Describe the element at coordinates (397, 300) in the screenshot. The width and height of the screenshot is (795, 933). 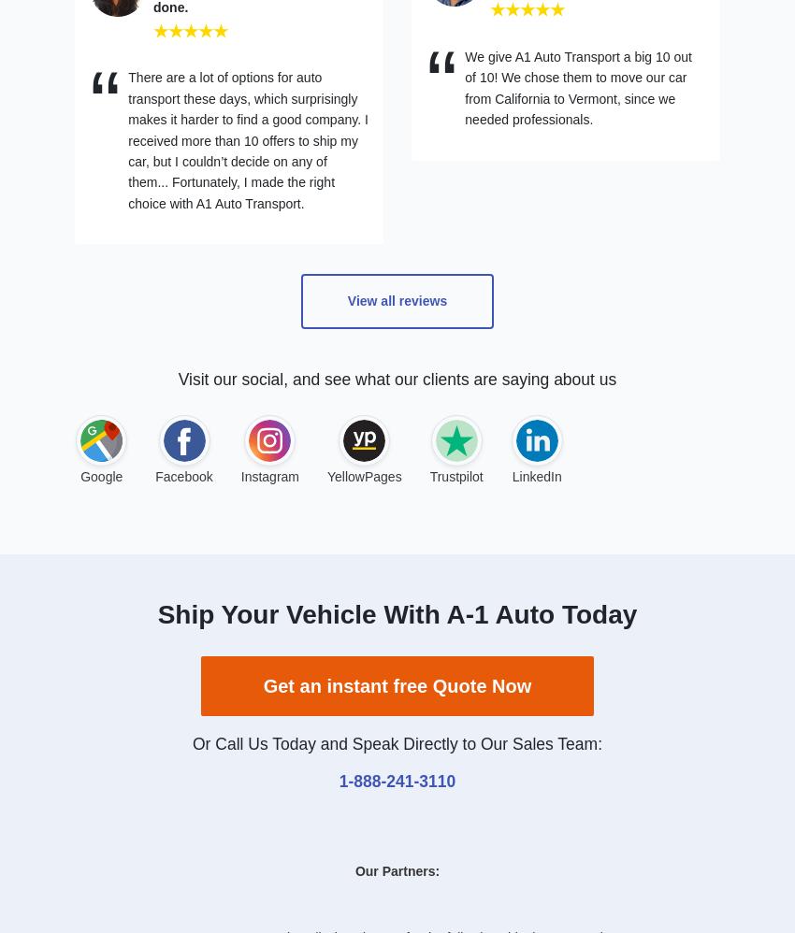
I see `'View all reviews'` at that location.